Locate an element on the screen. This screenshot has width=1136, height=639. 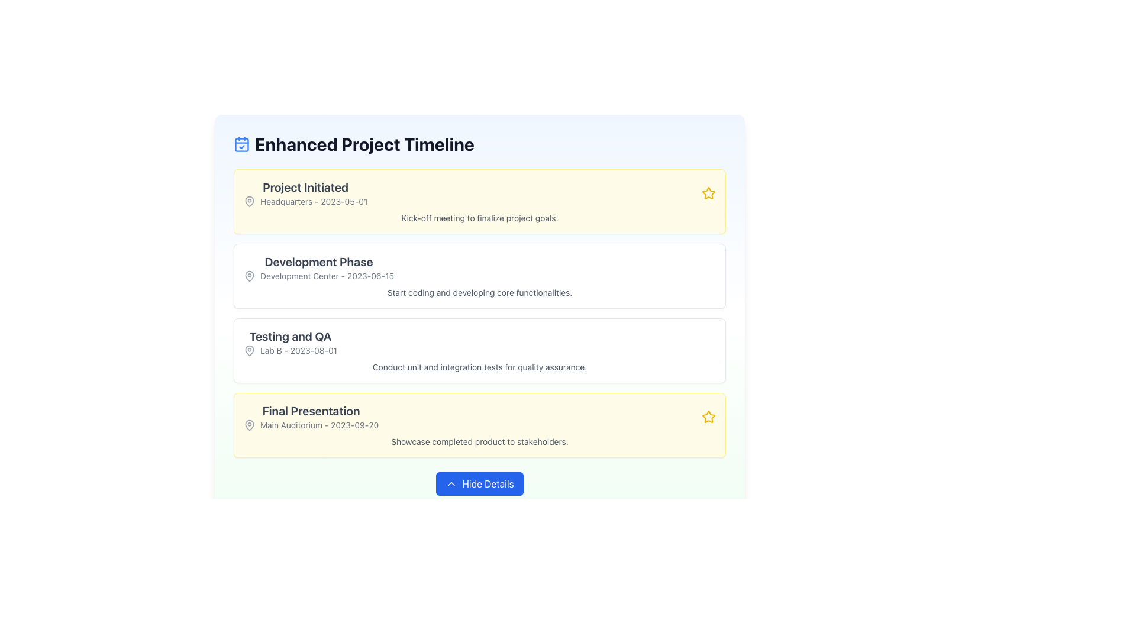
the Informational Card that details the 'Development Phase' in the 'Enhanced Project Timeline', which is the second panel after 'Project Initiated' is located at coordinates (480, 276).